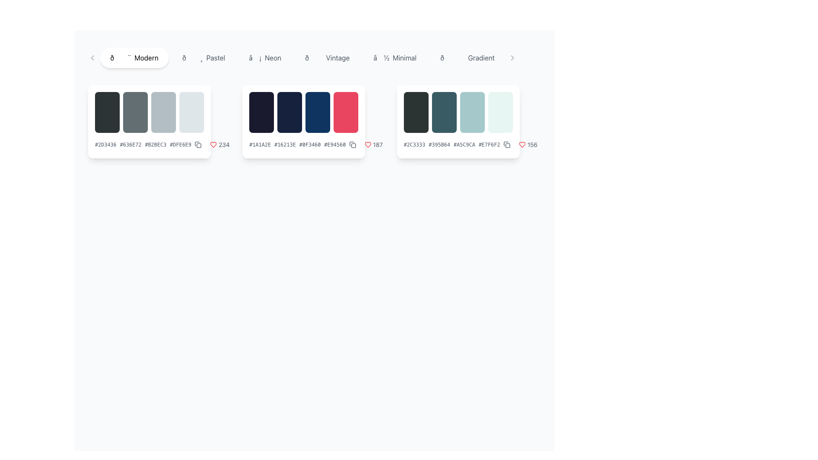 This screenshot has width=818, height=460. I want to click on the text display showing hexadecimal color codes '#1A1A2E #16213E #0F3460 #E94560' located in the lower section of the second color palette card, so click(304, 144).